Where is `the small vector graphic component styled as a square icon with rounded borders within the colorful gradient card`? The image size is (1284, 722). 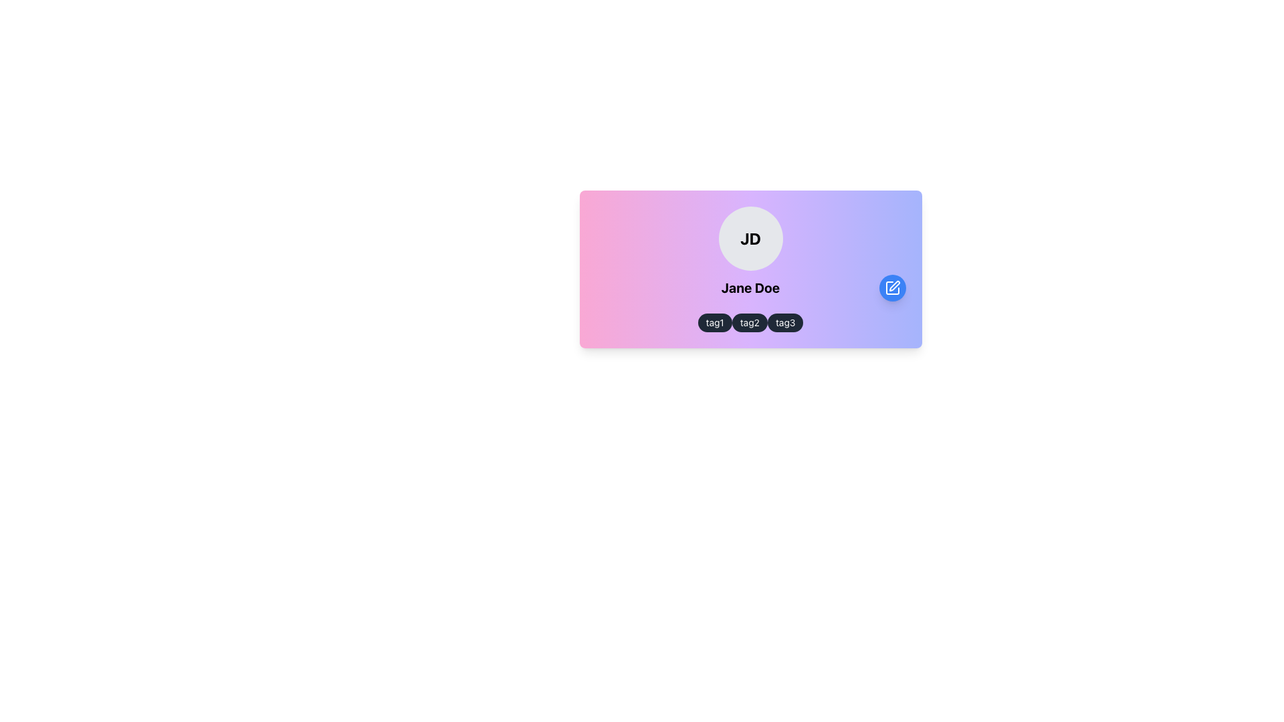
the small vector graphic component styled as a square icon with rounded borders within the colorful gradient card is located at coordinates (892, 287).